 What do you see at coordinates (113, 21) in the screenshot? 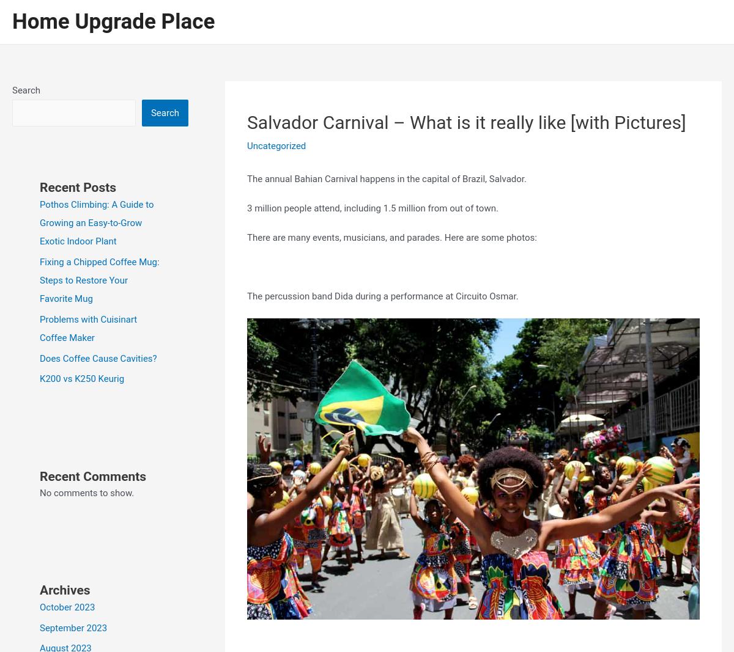
I see `'Home Upgrade Place'` at bounding box center [113, 21].